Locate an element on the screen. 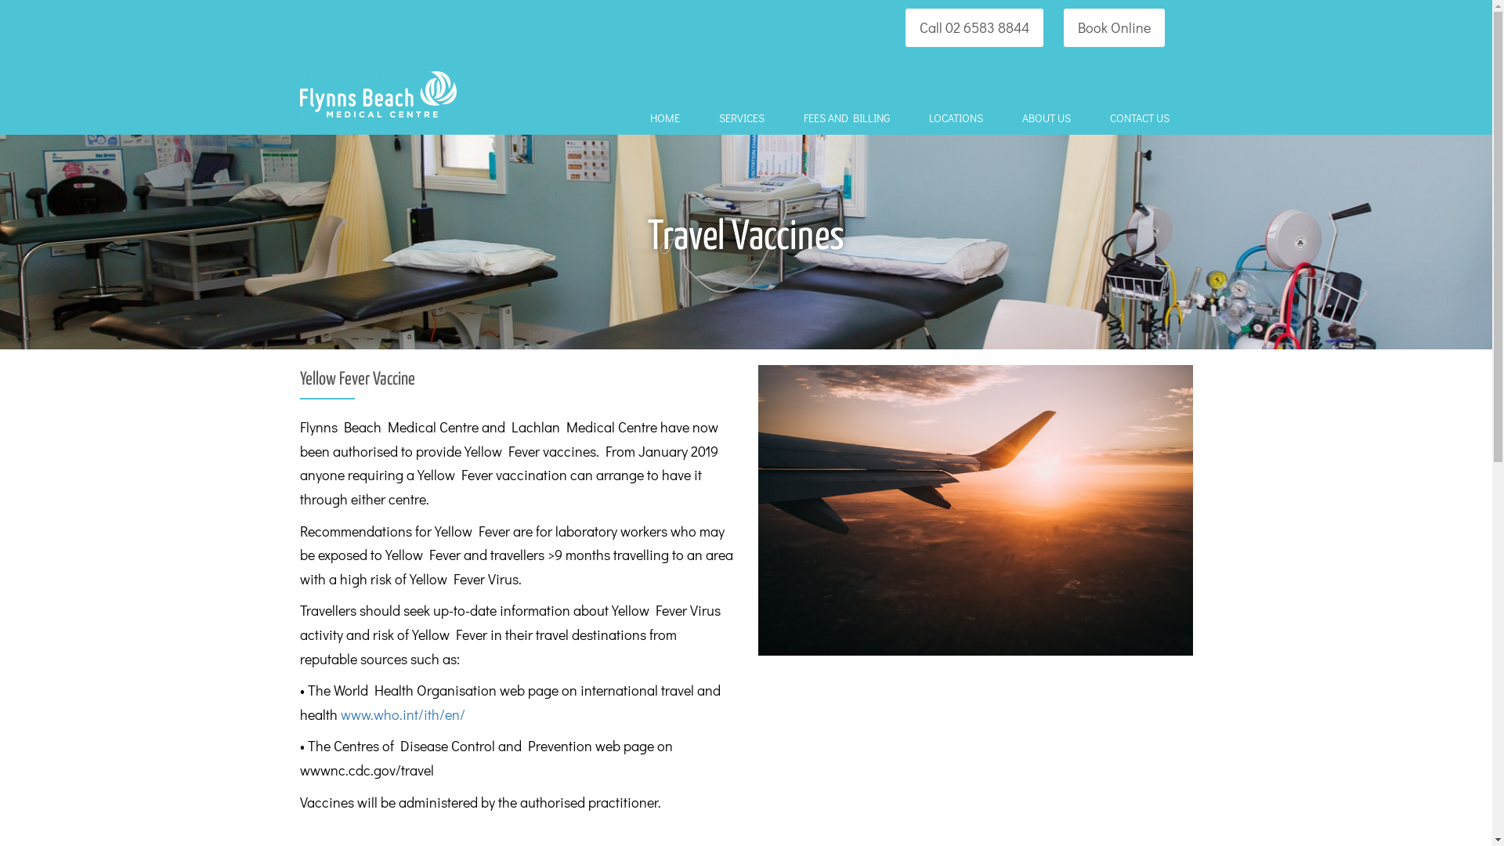  'CONTACT US' is located at coordinates (1143, 117).